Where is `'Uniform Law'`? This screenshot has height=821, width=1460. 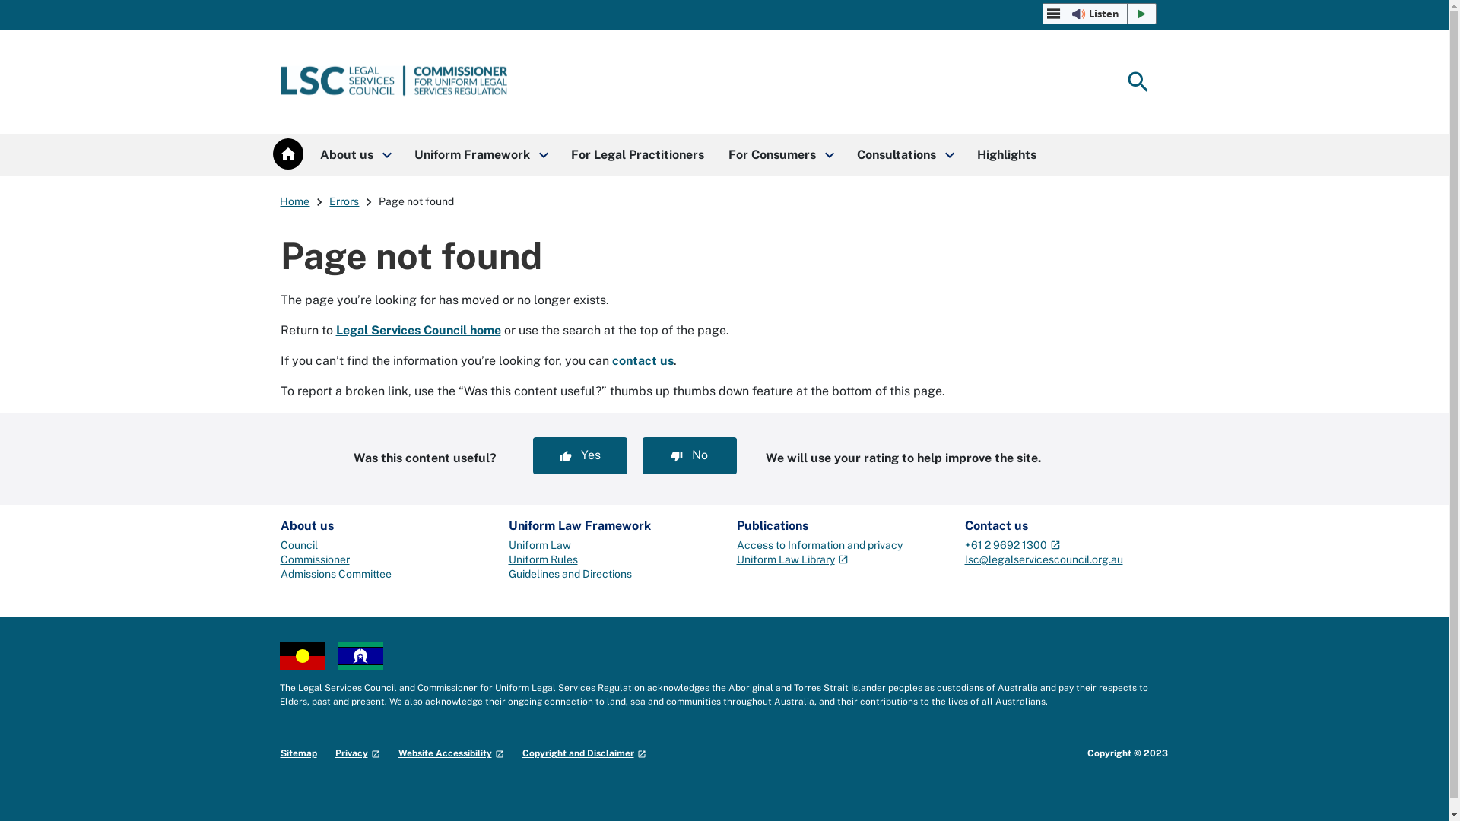 'Uniform Law' is located at coordinates (539, 544).